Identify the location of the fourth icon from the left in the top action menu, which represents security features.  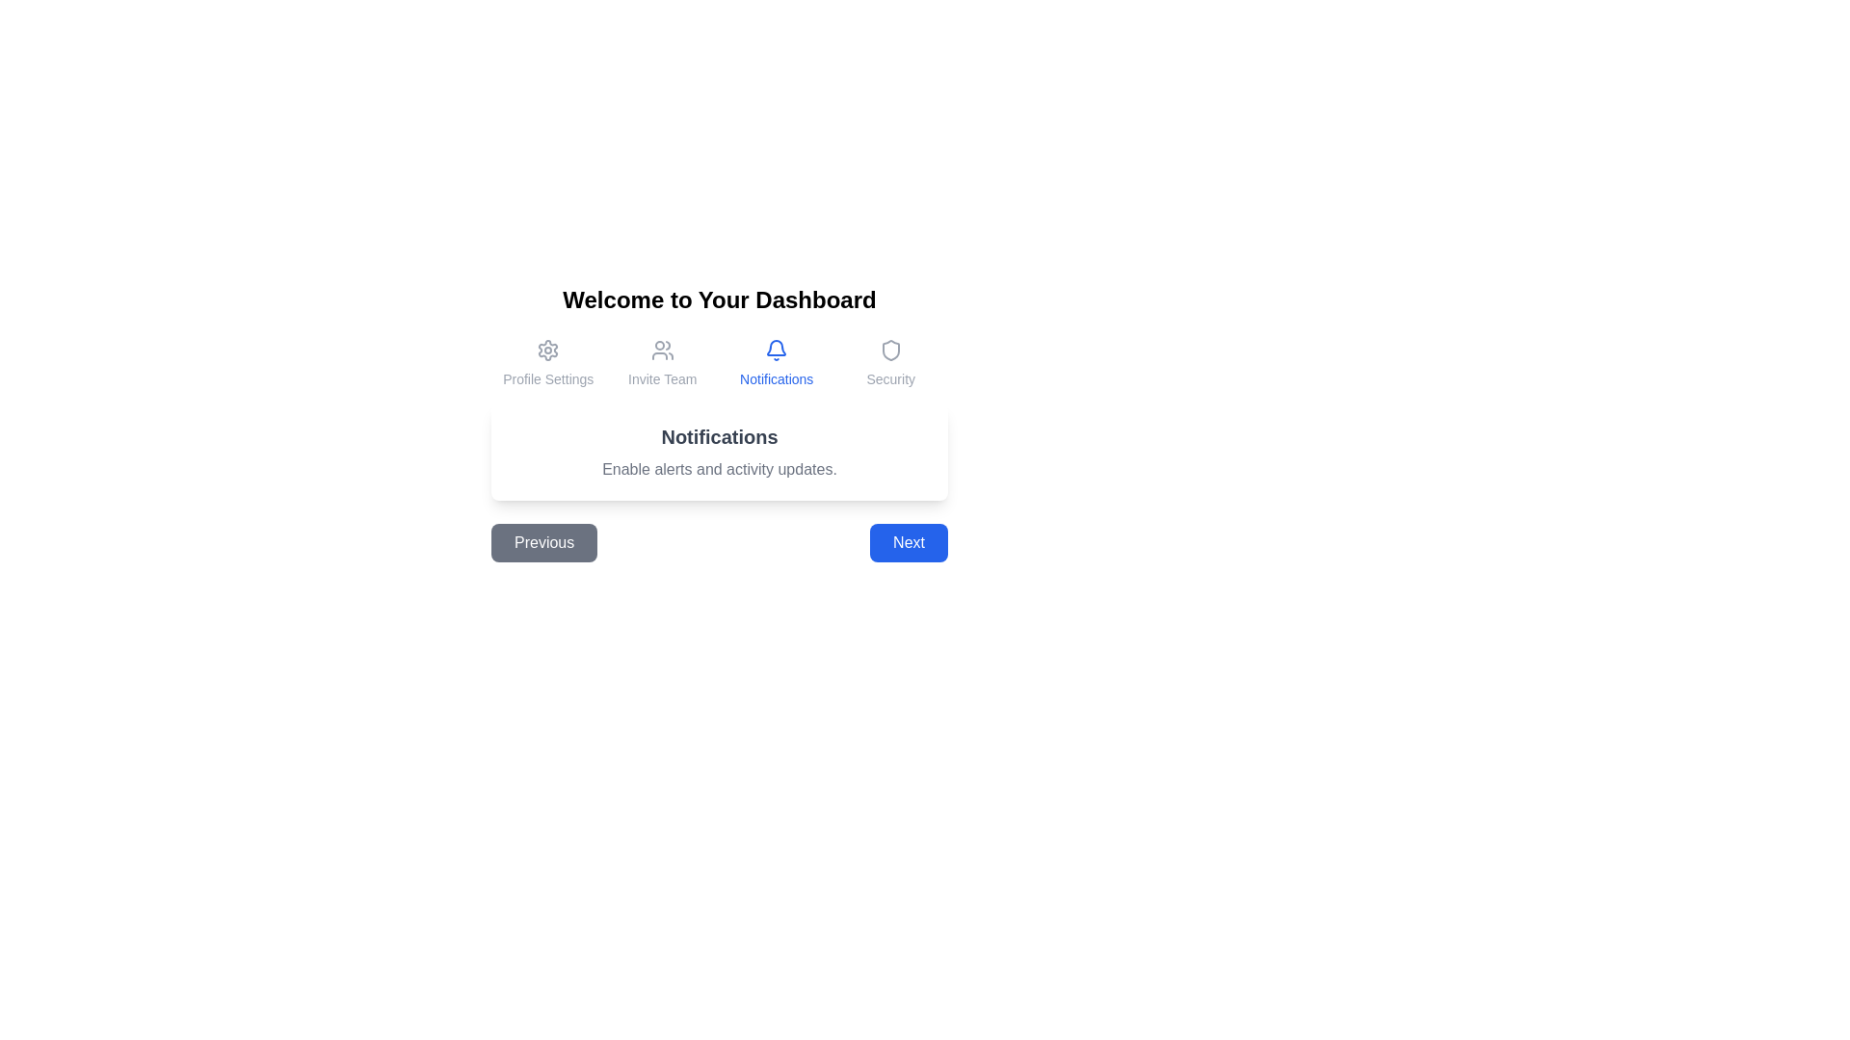
(889, 350).